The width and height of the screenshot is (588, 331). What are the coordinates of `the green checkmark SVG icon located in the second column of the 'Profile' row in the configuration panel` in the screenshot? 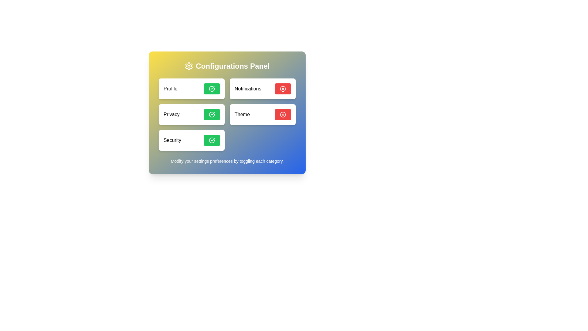 It's located at (212, 89).